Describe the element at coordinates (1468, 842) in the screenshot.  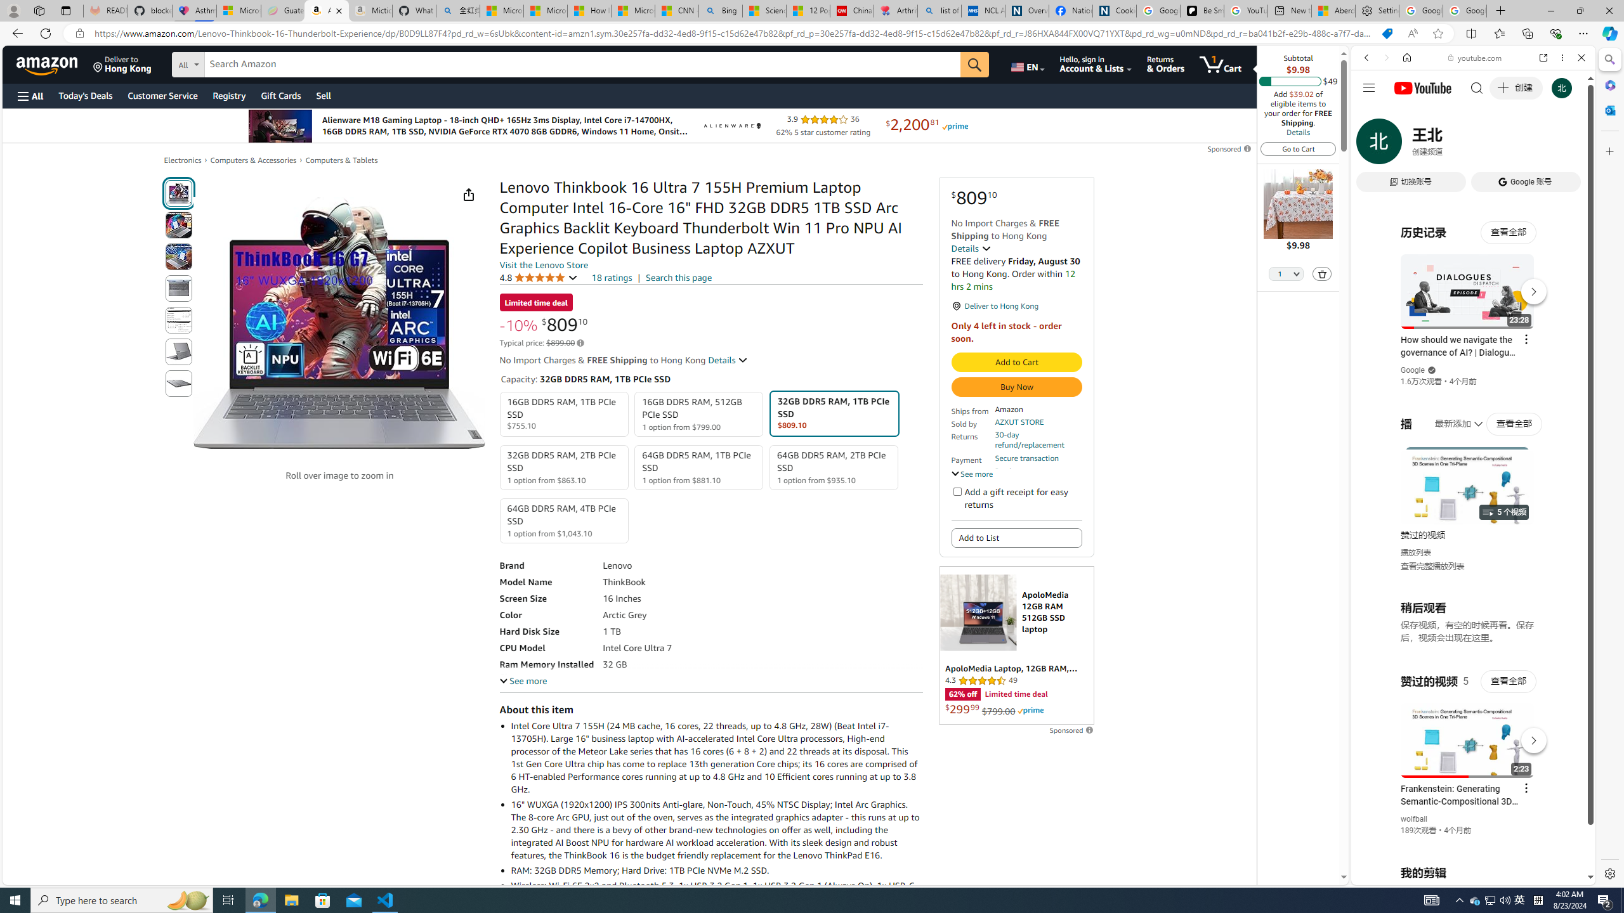
I see `'you'` at that location.